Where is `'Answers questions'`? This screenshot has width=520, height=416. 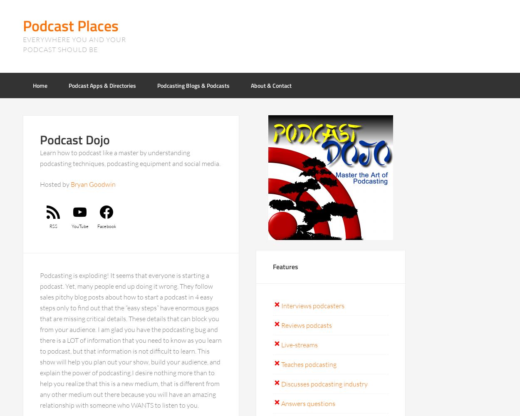 'Answers questions' is located at coordinates (308, 403).